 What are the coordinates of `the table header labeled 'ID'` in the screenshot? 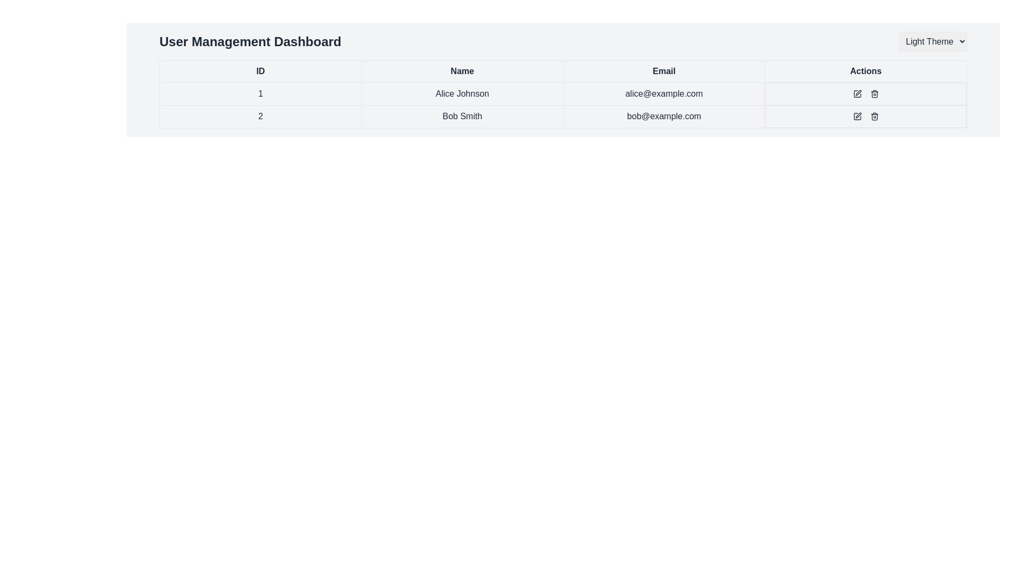 It's located at (260, 71).